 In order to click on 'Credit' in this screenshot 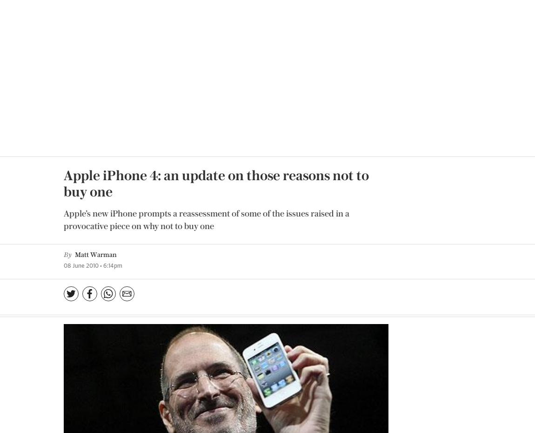, I will do `click(328, 171)`.